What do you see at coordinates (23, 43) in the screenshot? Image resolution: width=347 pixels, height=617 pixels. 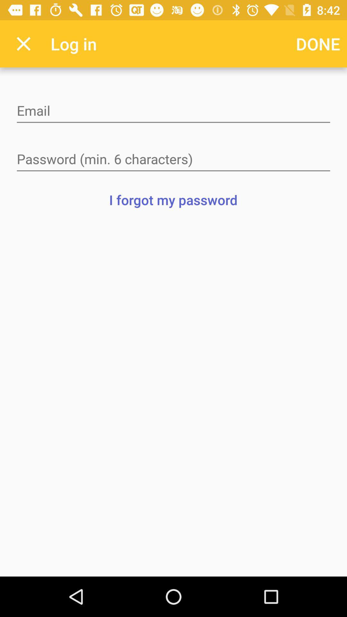 I see `app next to the log in app` at bounding box center [23, 43].